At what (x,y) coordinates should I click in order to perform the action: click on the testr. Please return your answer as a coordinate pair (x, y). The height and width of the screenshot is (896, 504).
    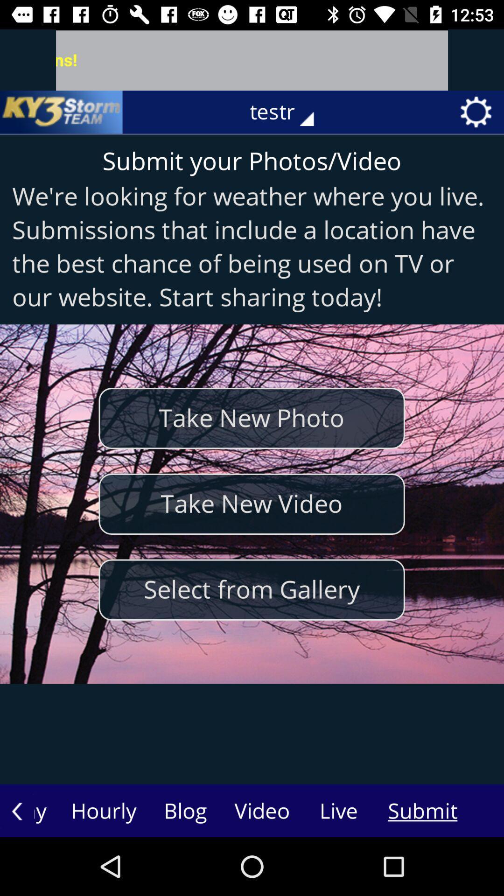
    Looking at the image, I should click on (288, 112).